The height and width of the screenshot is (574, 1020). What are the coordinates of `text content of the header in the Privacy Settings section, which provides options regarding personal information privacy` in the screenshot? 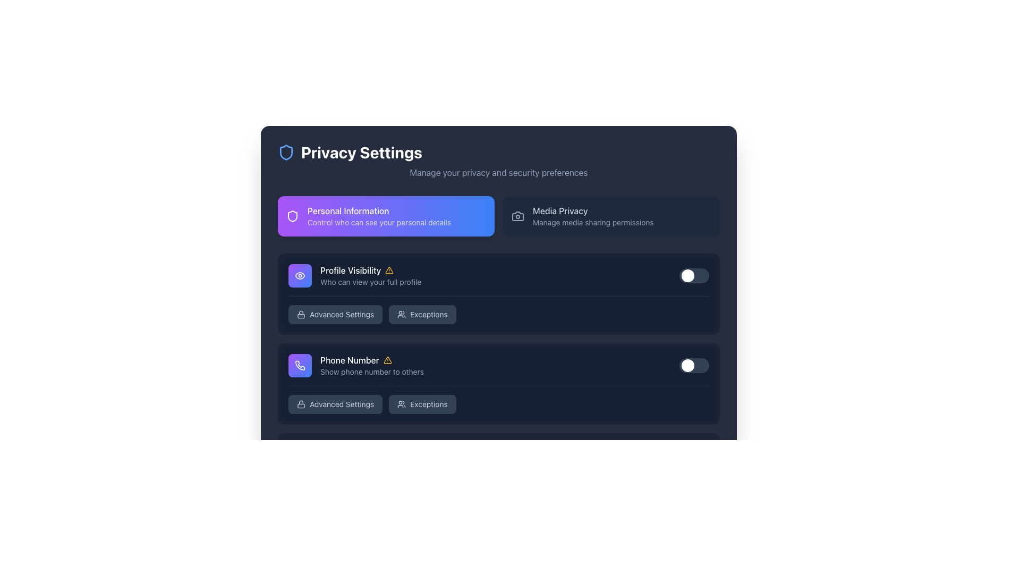 It's located at (379, 216).